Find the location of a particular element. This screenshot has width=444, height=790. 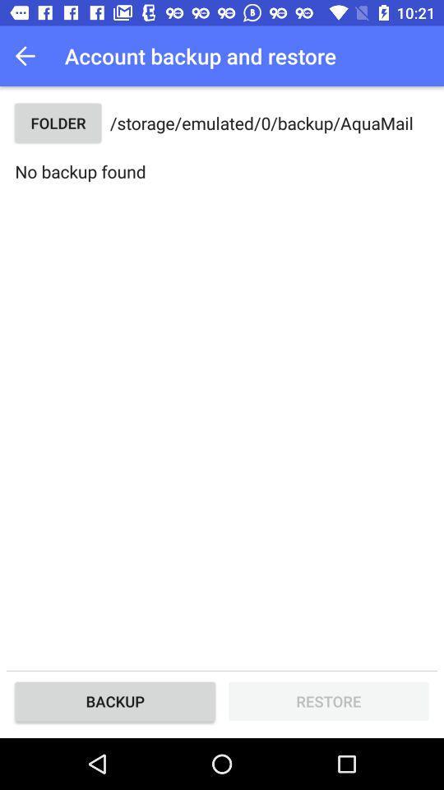

the item to the left of the storage emulated 0 icon is located at coordinates (57, 122).